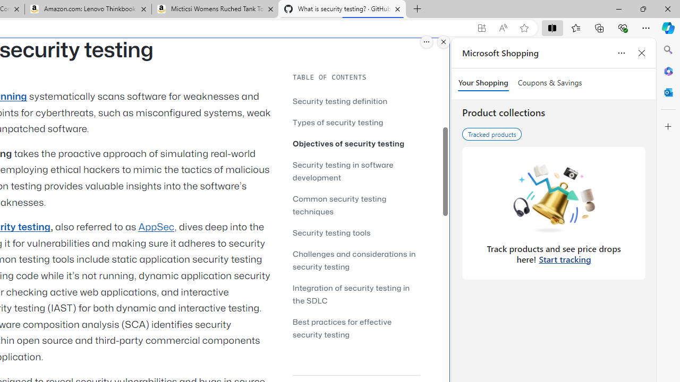 This screenshot has height=382, width=680. What do you see at coordinates (356, 205) in the screenshot?
I see `'Common security testing techniques'` at bounding box center [356, 205].